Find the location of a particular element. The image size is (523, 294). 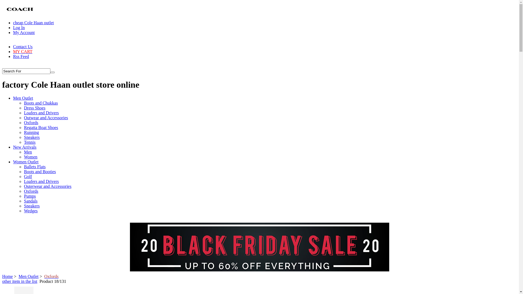

'Contact Us' is located at coordinates (13, 46).